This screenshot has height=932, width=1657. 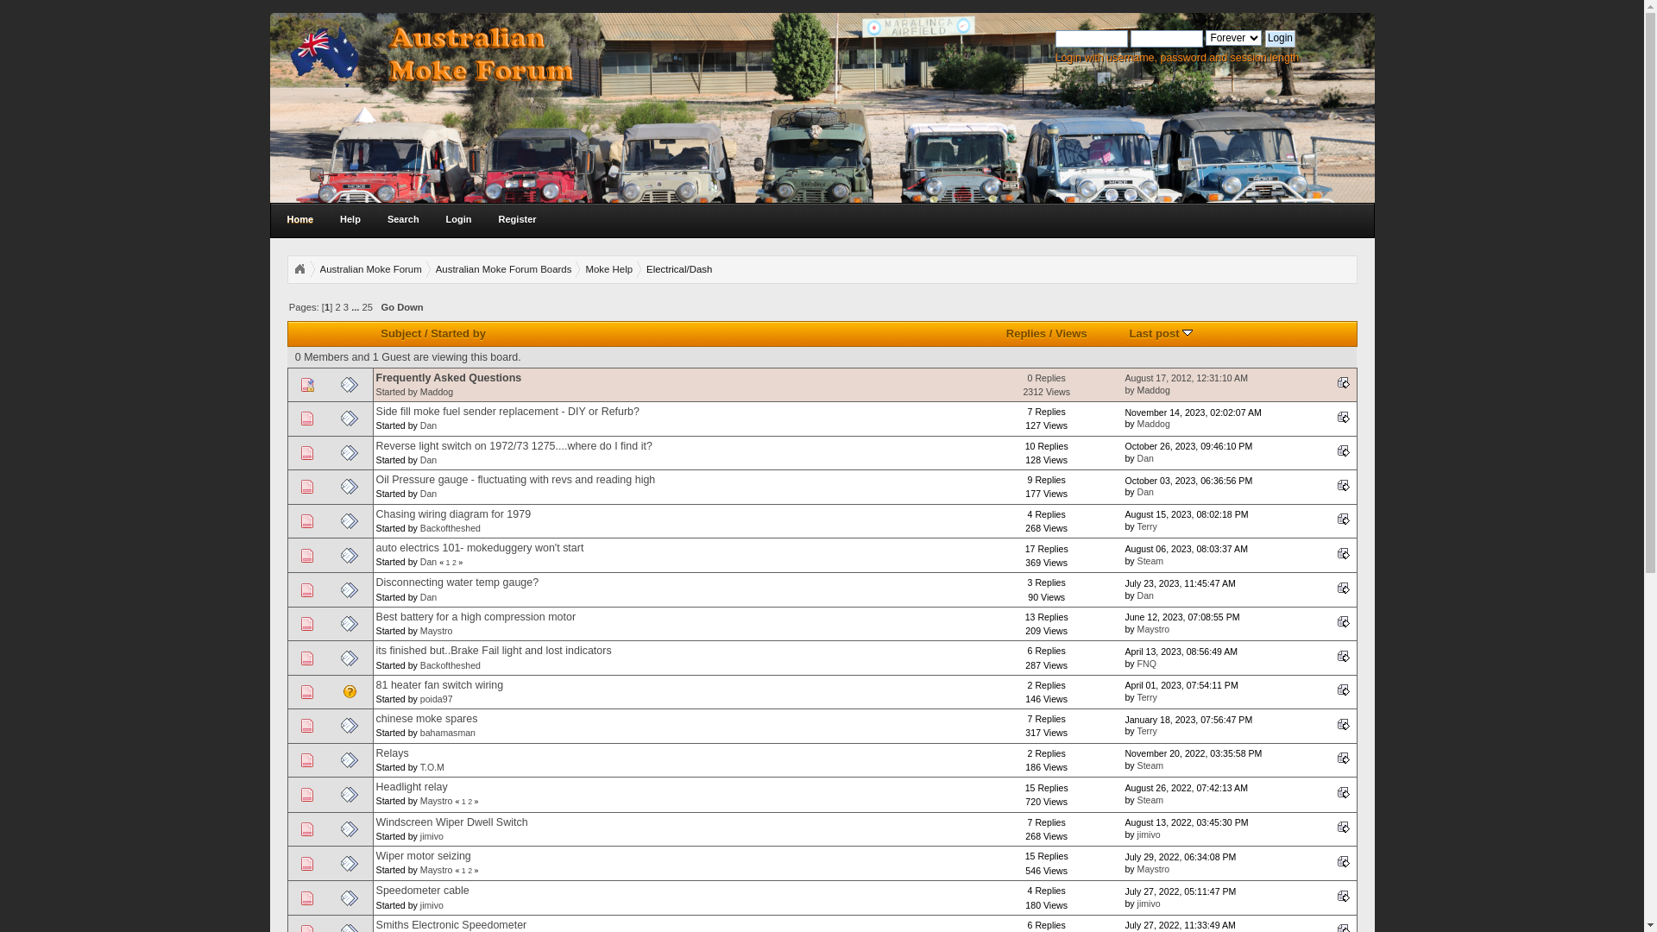 What do you see at coordinates (435, 269) in the screenshot?
I see `'Australian Moke Forum Boards'` at bounding box center [435, 269].